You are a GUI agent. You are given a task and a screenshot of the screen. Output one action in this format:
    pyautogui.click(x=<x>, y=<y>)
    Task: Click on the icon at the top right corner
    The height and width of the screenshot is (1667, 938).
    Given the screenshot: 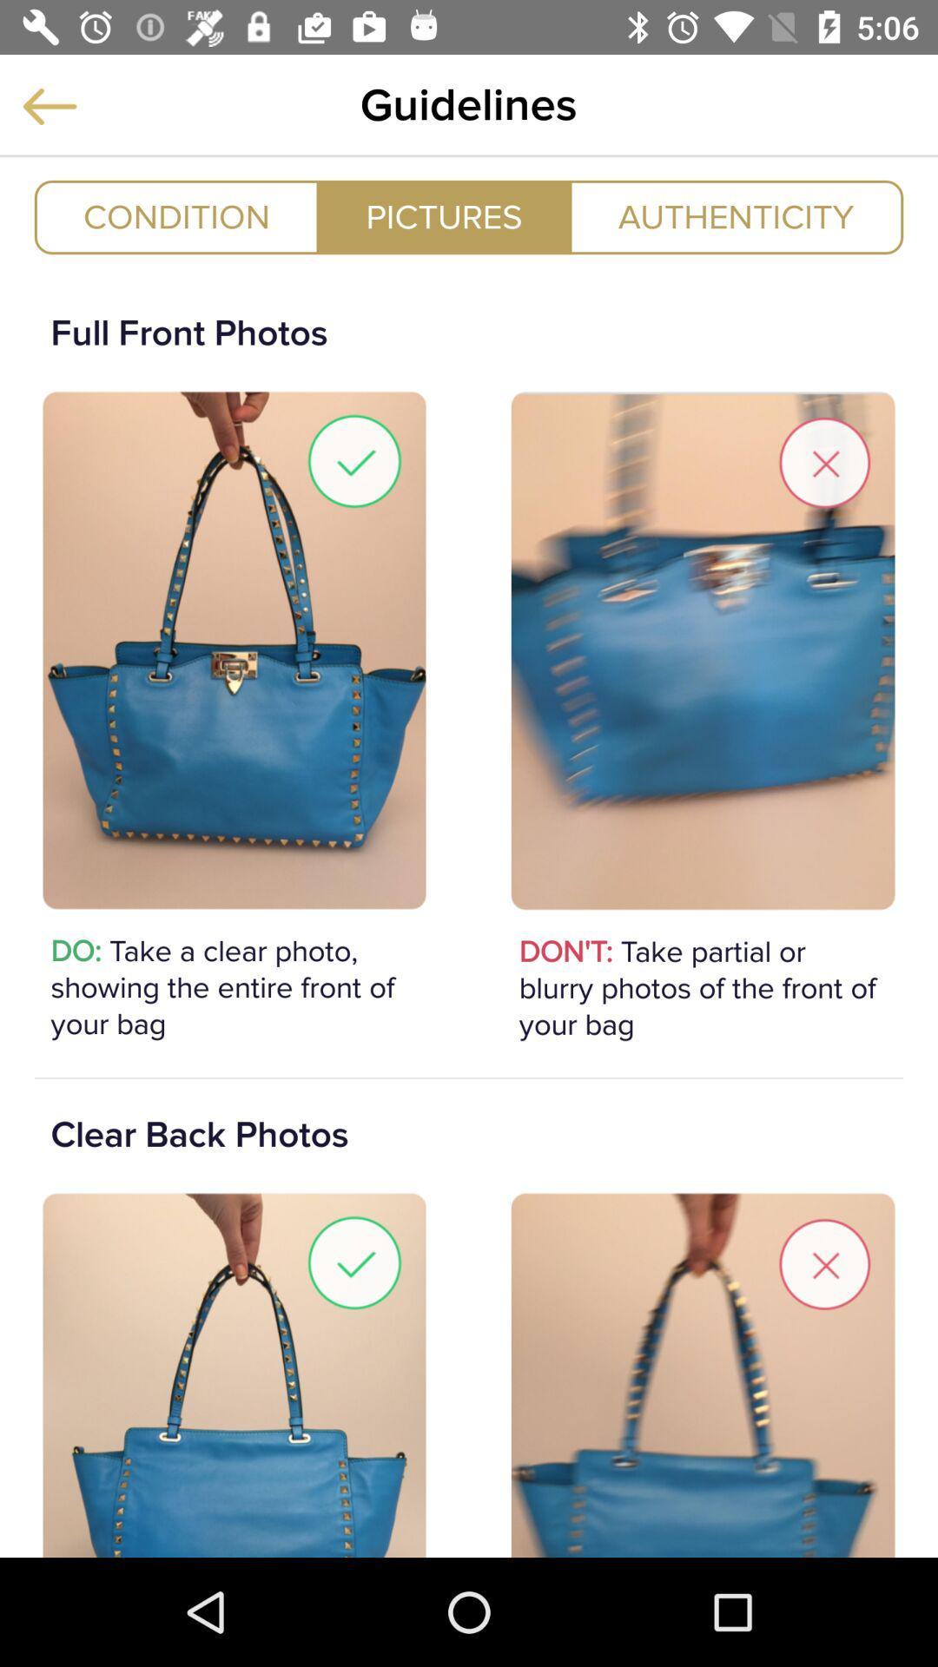 What is the action you would take?
    pyautogui.click(x=736, y=216)
    